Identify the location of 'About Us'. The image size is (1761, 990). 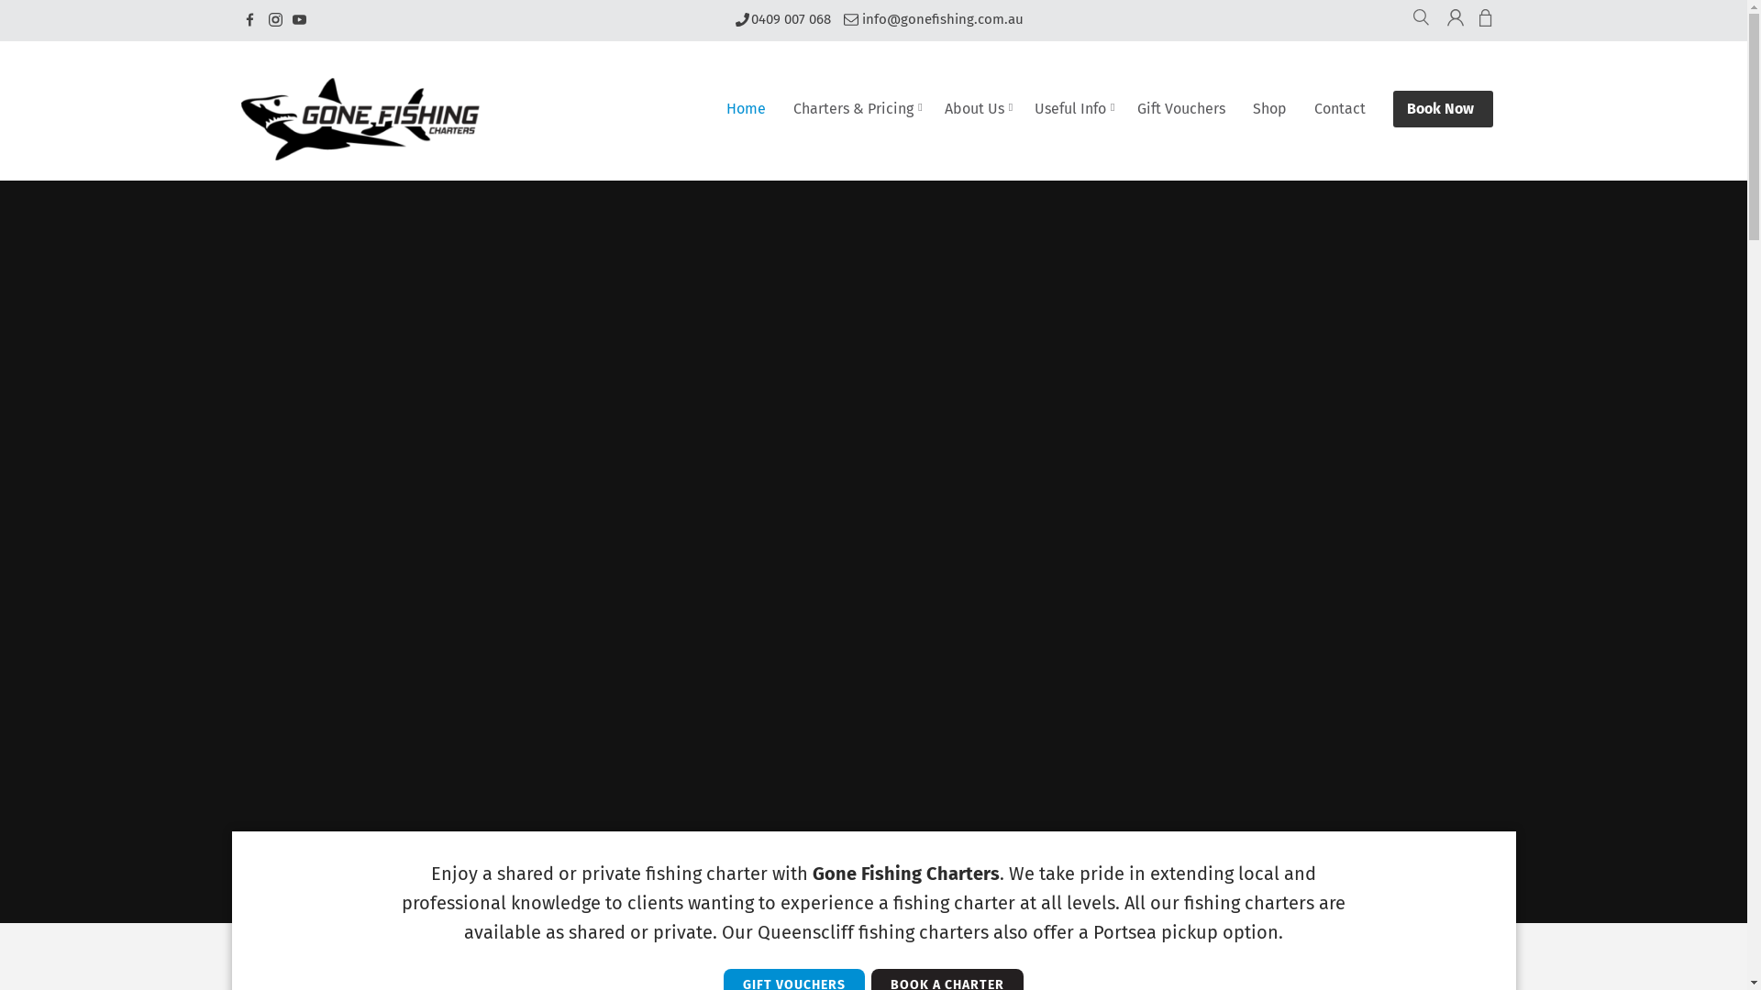
(977, 109).